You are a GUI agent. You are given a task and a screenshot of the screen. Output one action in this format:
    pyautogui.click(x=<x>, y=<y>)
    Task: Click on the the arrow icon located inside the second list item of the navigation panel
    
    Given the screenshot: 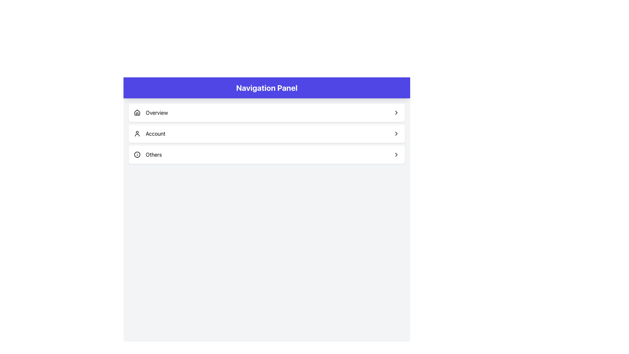 What is the action you would take?
    pyautogui.click(x=396, y=133)
    